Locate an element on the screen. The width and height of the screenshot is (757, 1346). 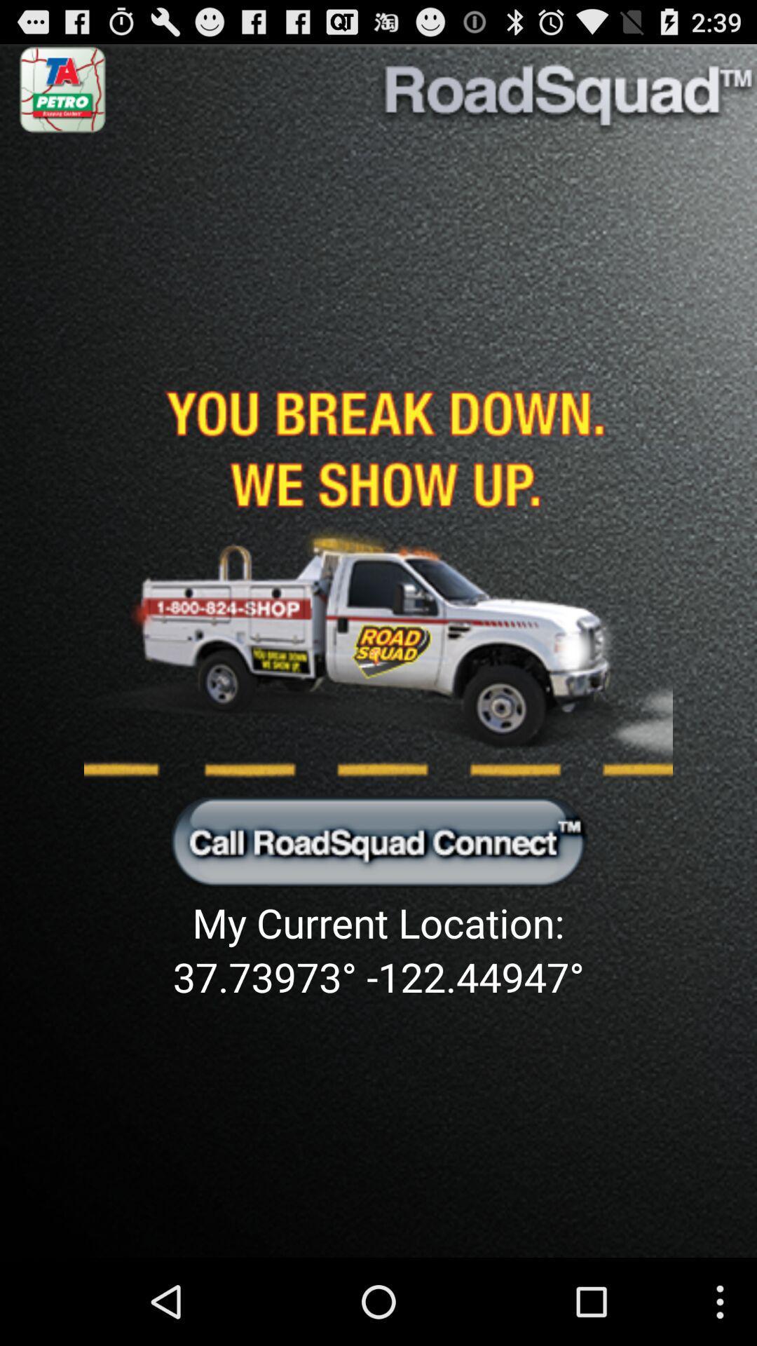
the icon above my current location: icon is located at coordinates (378, 841).